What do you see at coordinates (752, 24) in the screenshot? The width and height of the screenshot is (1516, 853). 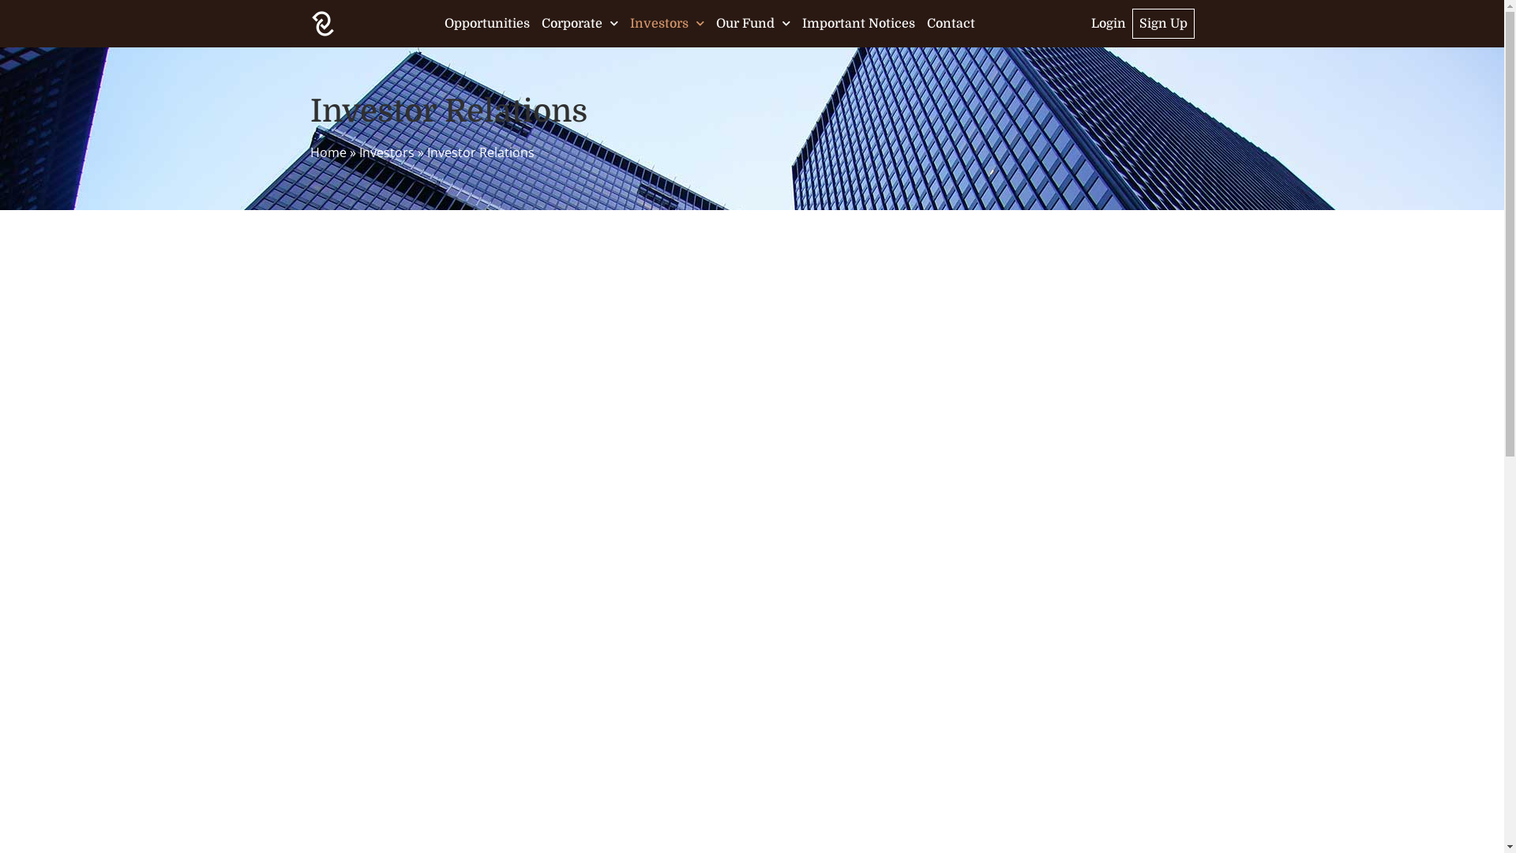 I see `'Our Fund'` at bounding box center [752, 24].